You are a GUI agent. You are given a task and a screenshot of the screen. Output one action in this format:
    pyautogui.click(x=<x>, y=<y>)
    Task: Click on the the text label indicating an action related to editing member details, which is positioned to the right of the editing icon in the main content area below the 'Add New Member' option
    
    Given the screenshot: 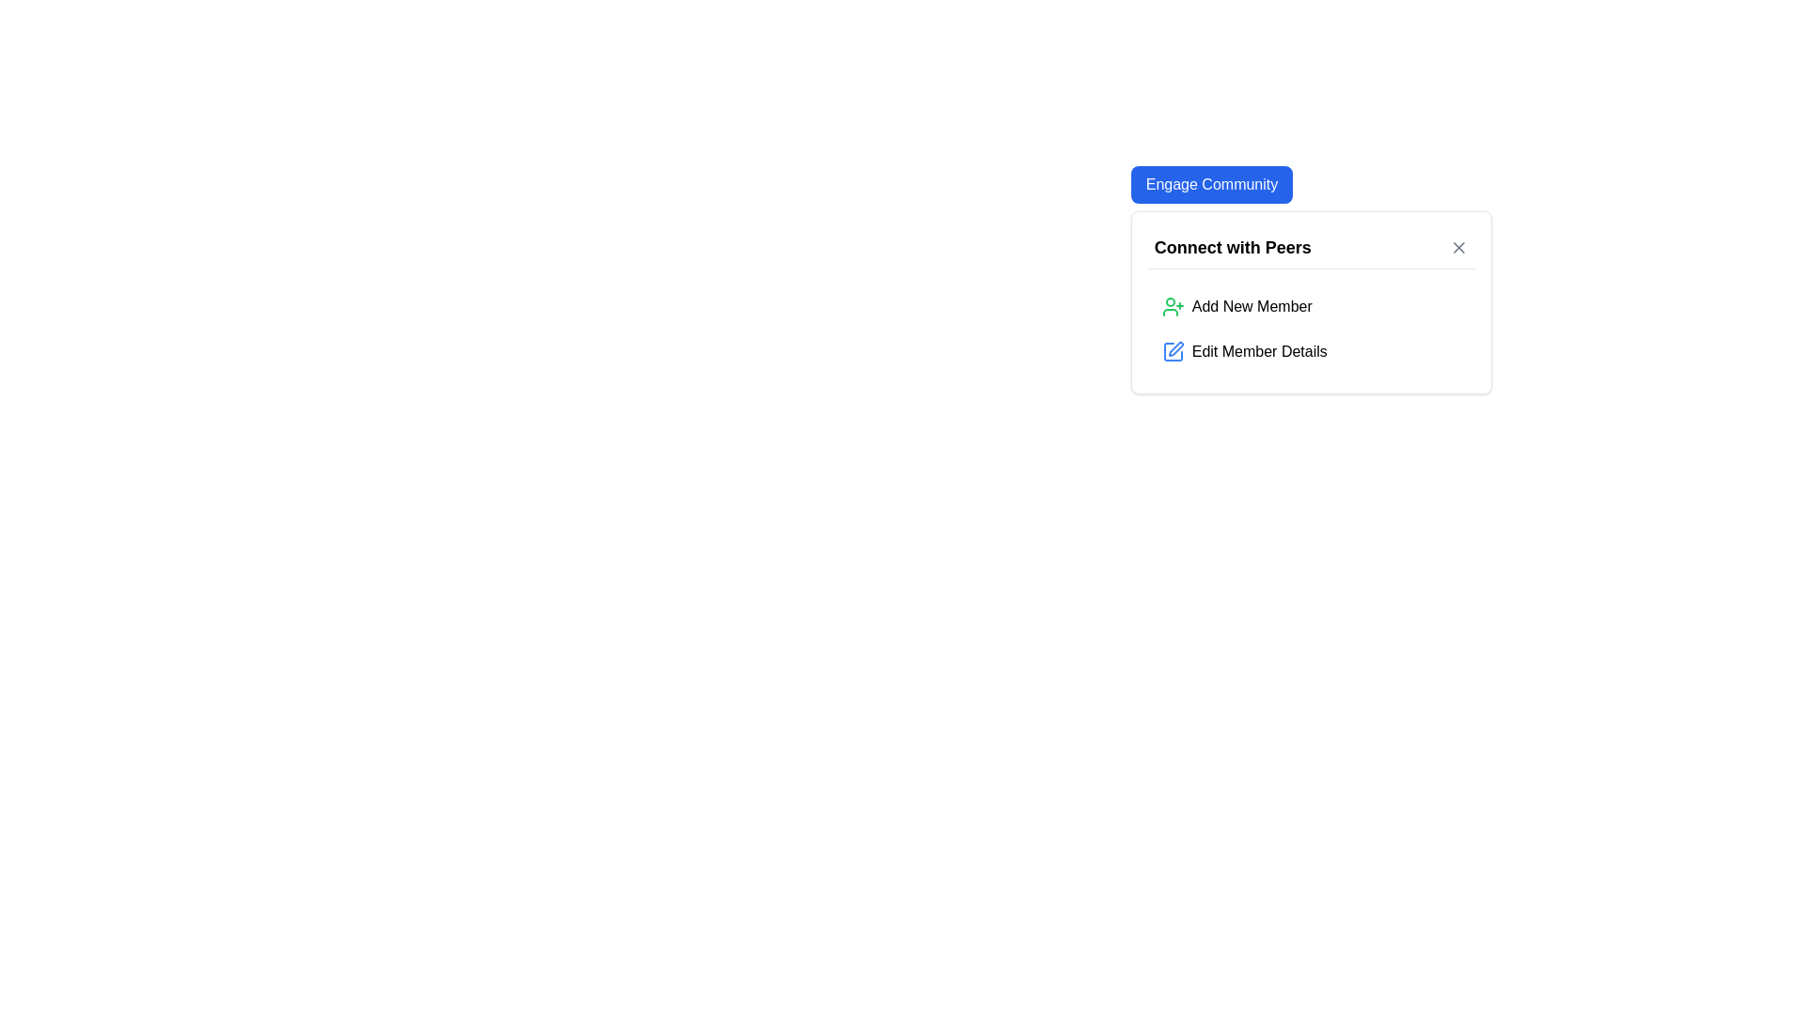 What is the action you would take?
    pyautogui.click(x=1259, y=351)
    